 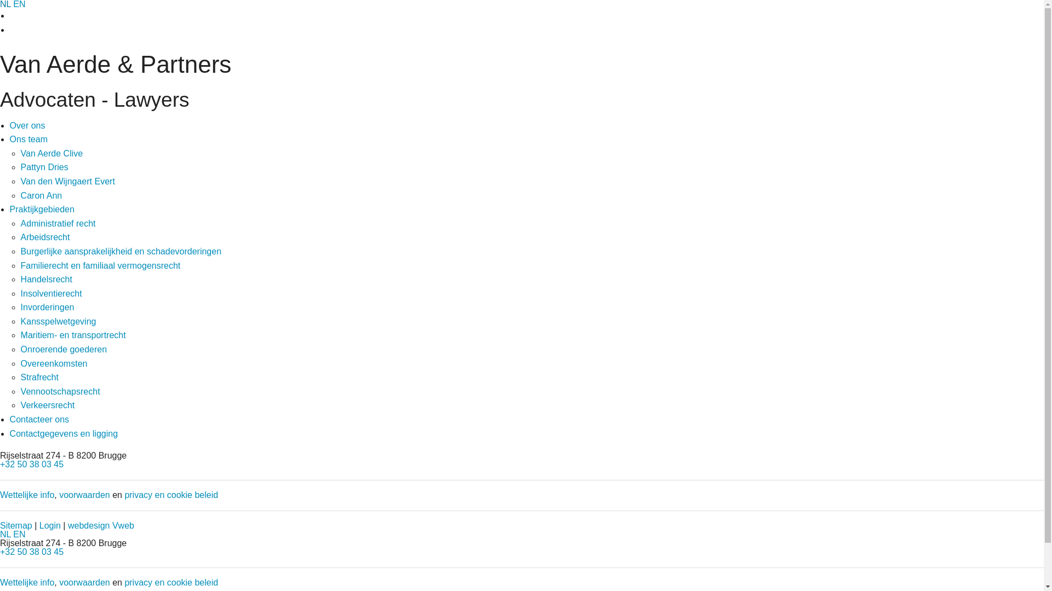 I want to click on 'Vennootschapsrecht', so click(x=60, y=391).